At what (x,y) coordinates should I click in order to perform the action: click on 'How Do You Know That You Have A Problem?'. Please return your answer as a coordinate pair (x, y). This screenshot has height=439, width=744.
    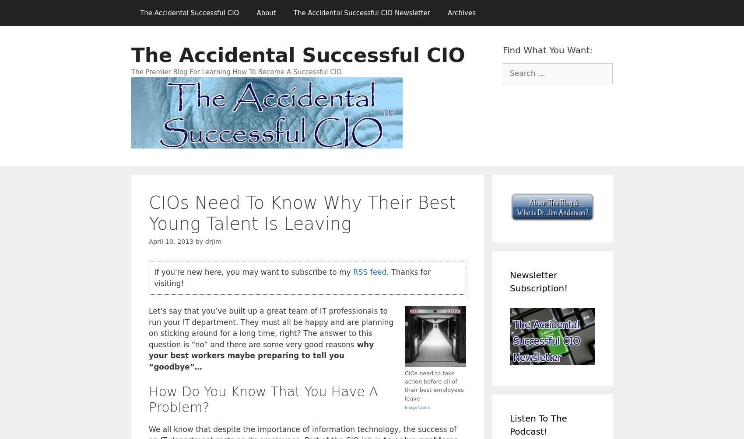
    Looking at the image, I should click on (148, 398).